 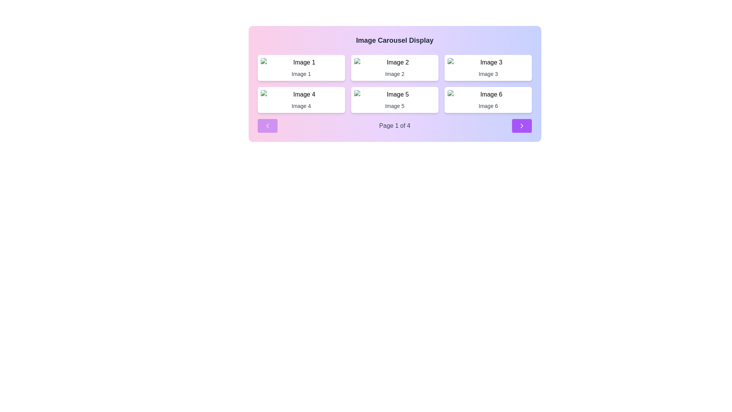 I want to click on the image representing 'Image 3' located in the top row, third column of the grid, so click(x=488, y=62).